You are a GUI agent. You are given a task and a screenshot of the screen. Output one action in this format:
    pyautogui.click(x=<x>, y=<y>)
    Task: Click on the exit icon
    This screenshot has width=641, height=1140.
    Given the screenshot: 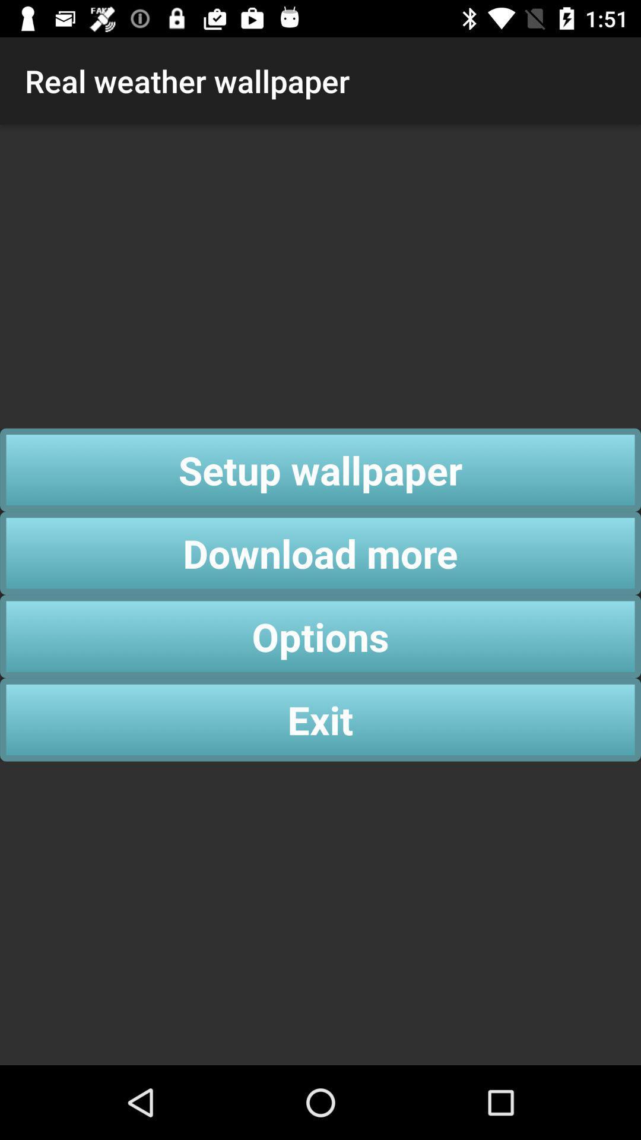 What is the action you would take?
    pyautogui.click(x=320, y=719)
    